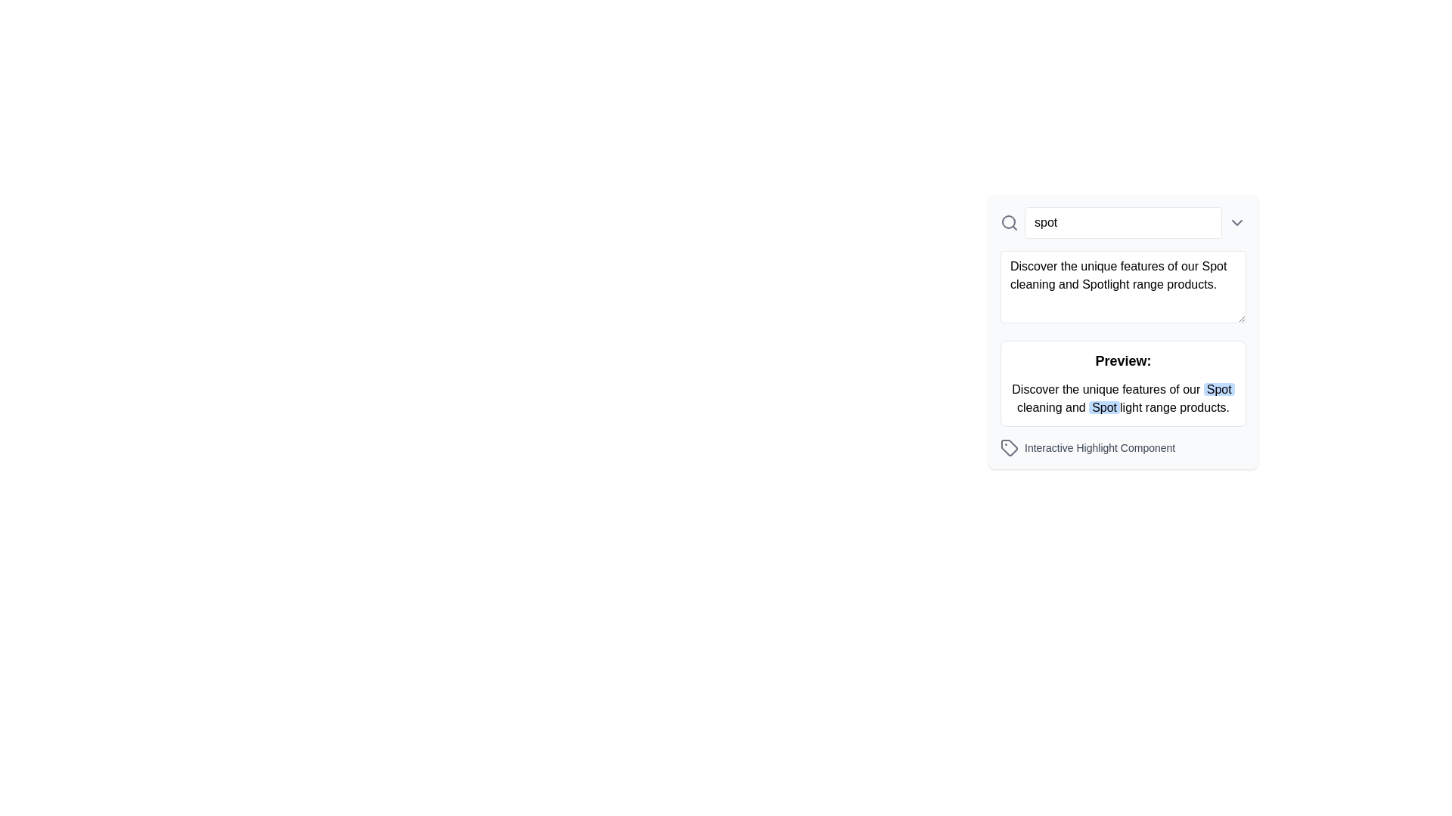 The width and height of the screenshot is (1452, 816). What do you see at coordinates (1009, 221) in the screenshot?
I see `the circular component of the search icon, which represents the body of the magnifying glass, located at the top-left area of the input field` at bounding box center [1009, 221].